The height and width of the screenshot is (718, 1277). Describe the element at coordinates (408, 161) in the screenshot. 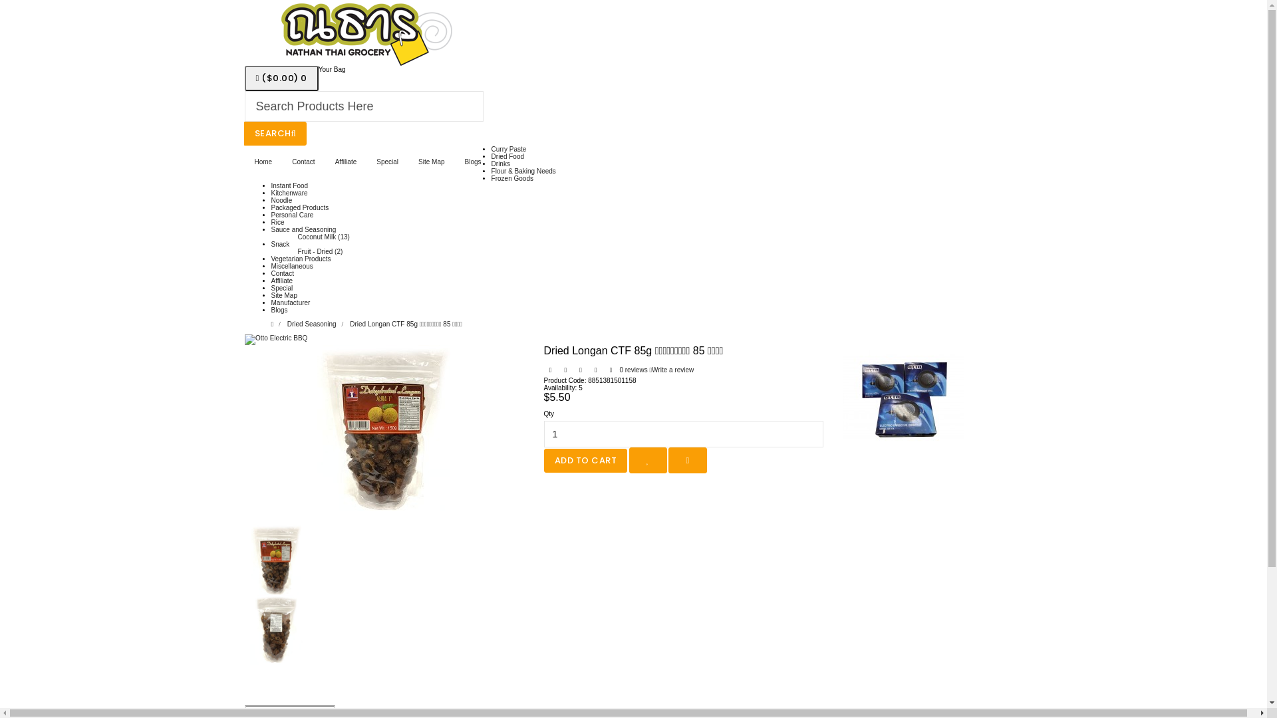

I see `'Site Map'` at that location.